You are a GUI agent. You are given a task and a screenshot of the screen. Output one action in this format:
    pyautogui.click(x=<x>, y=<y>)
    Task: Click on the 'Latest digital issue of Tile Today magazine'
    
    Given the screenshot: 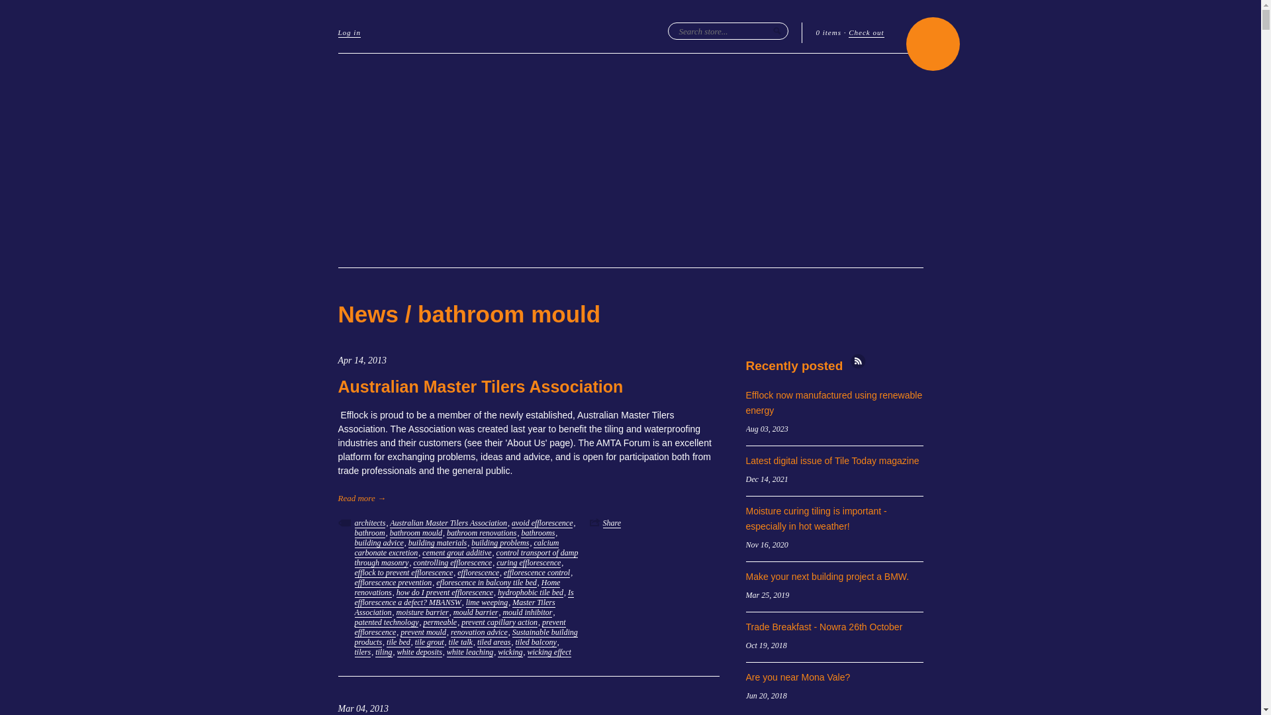 What is the action you would take?
    pyautogui.click(x=831, y=459)
    